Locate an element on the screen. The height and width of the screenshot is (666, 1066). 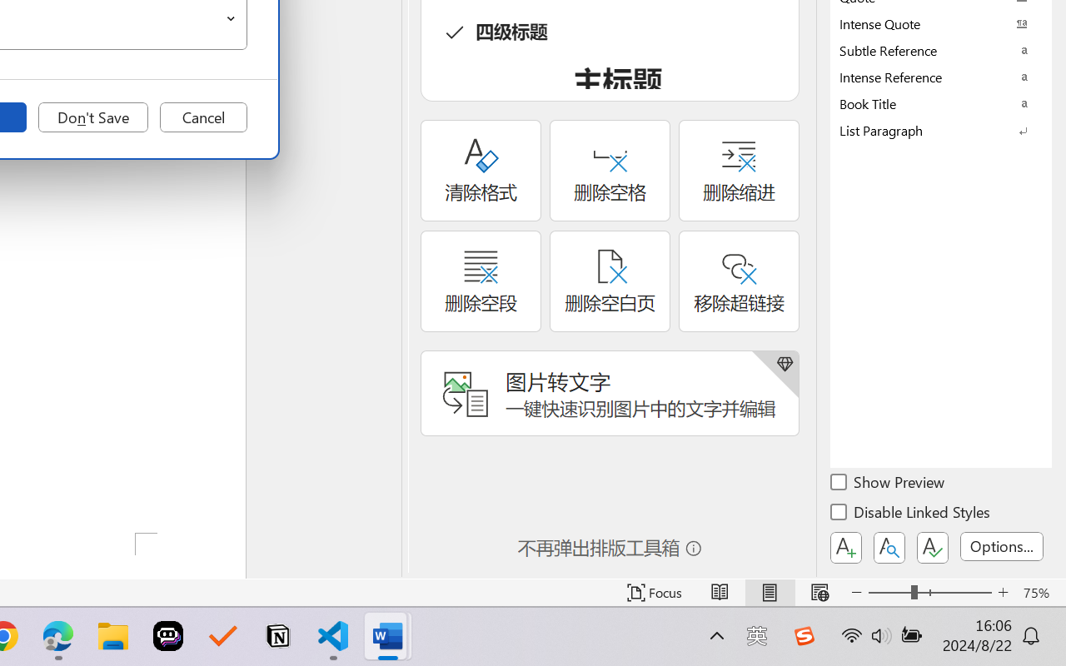
'Options...' is located at coordinates (1001, 545).